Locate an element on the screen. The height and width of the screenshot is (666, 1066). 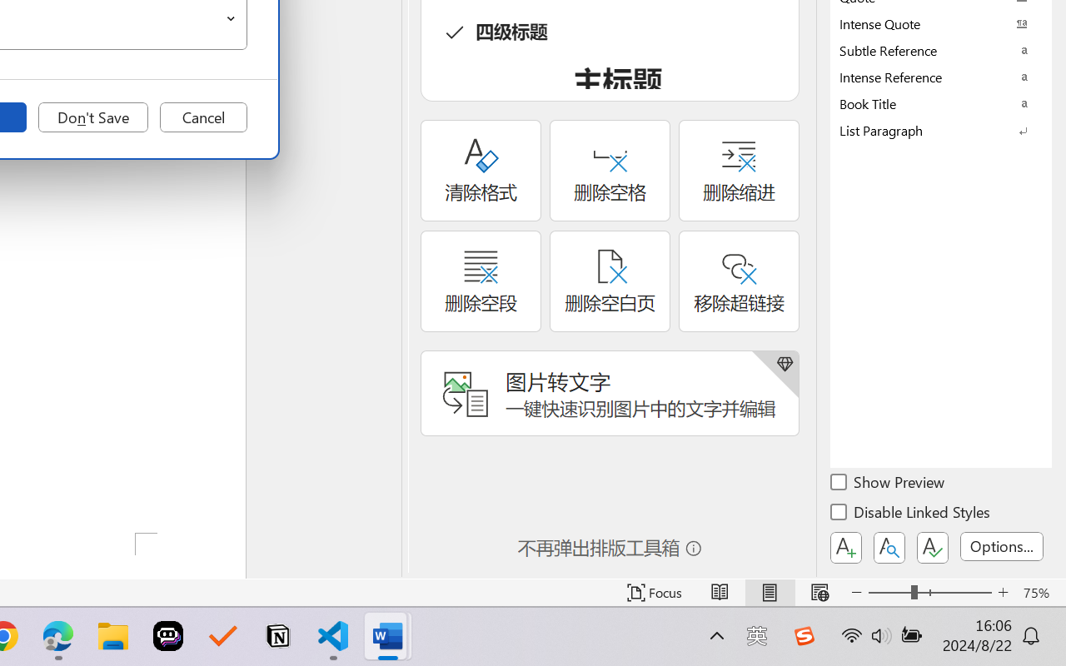
'Options...' is located at coordinates (1001, 545).